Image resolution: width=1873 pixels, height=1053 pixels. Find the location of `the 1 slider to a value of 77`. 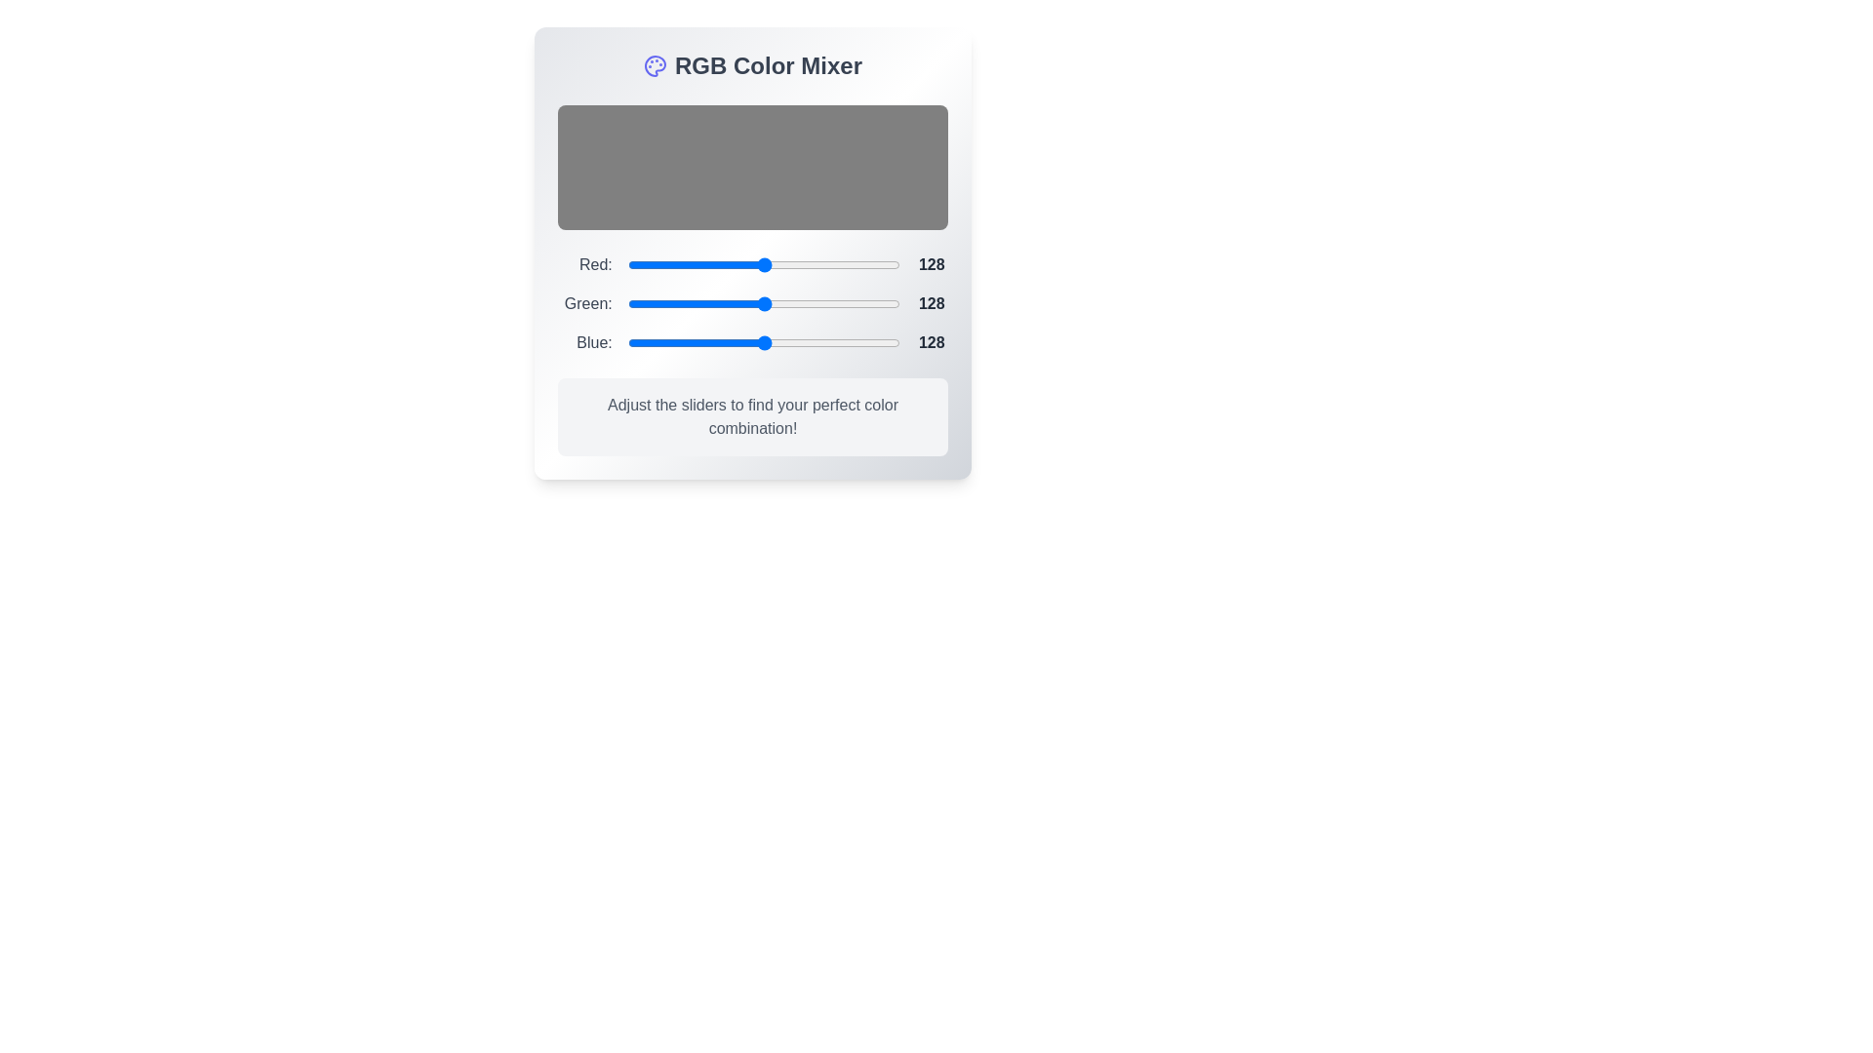

the 1 slider to a value of 77 is located at coordinates (805, 304).